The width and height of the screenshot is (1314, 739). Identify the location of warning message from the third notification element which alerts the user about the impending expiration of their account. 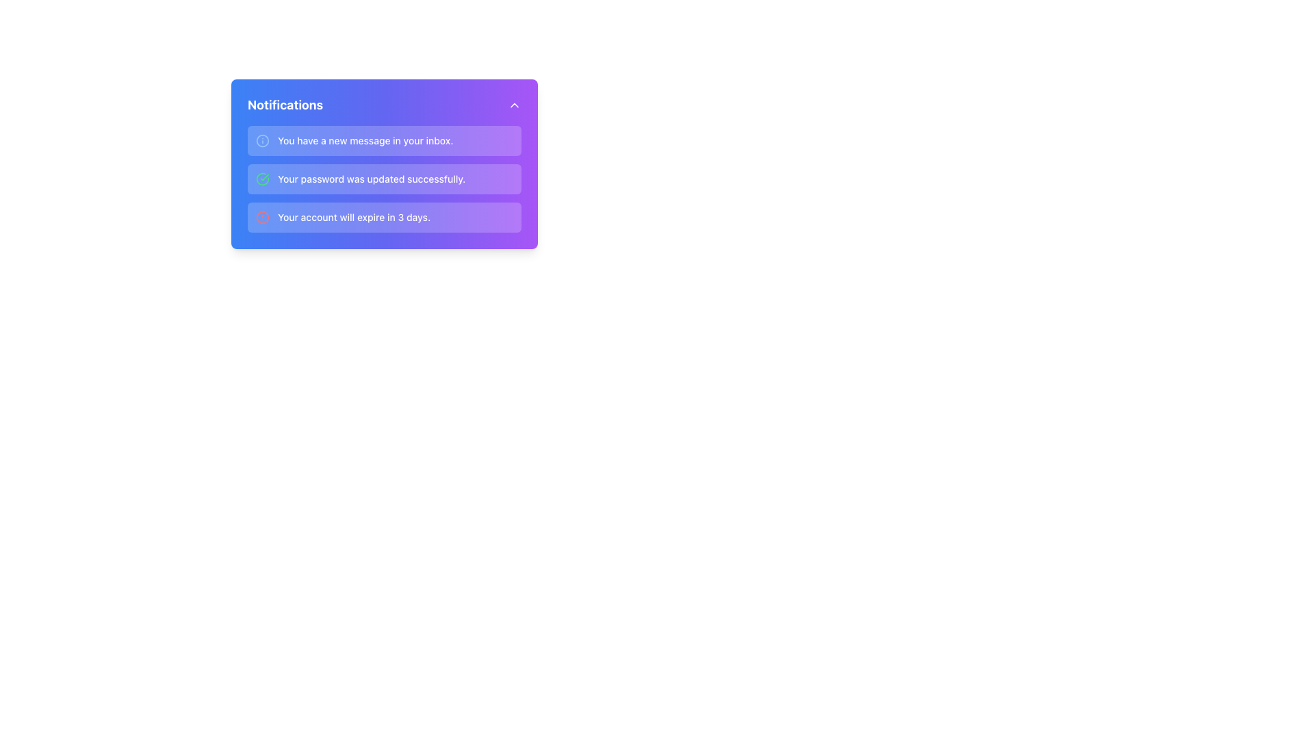
(383, 216).